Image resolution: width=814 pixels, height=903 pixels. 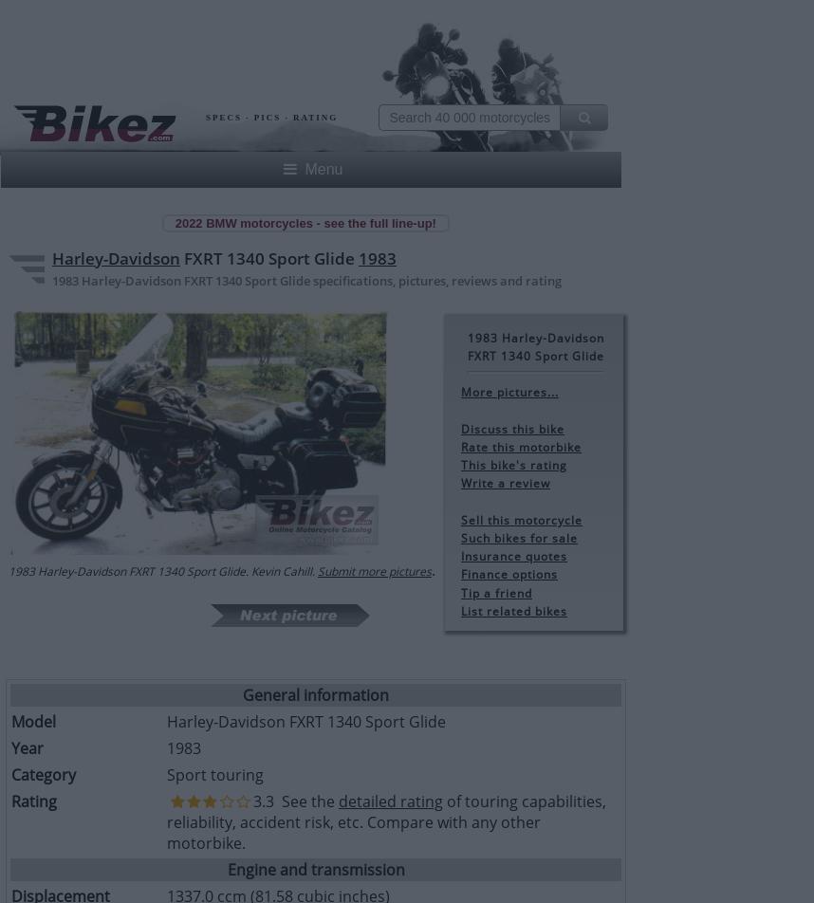 What do you see at coordinates (163, 571) in the screenshot?
I see `'1983 Harley-Davidson FXRT 1340 Sport Glide. Kevin Cahill.'` at bounding box center [163, 571].